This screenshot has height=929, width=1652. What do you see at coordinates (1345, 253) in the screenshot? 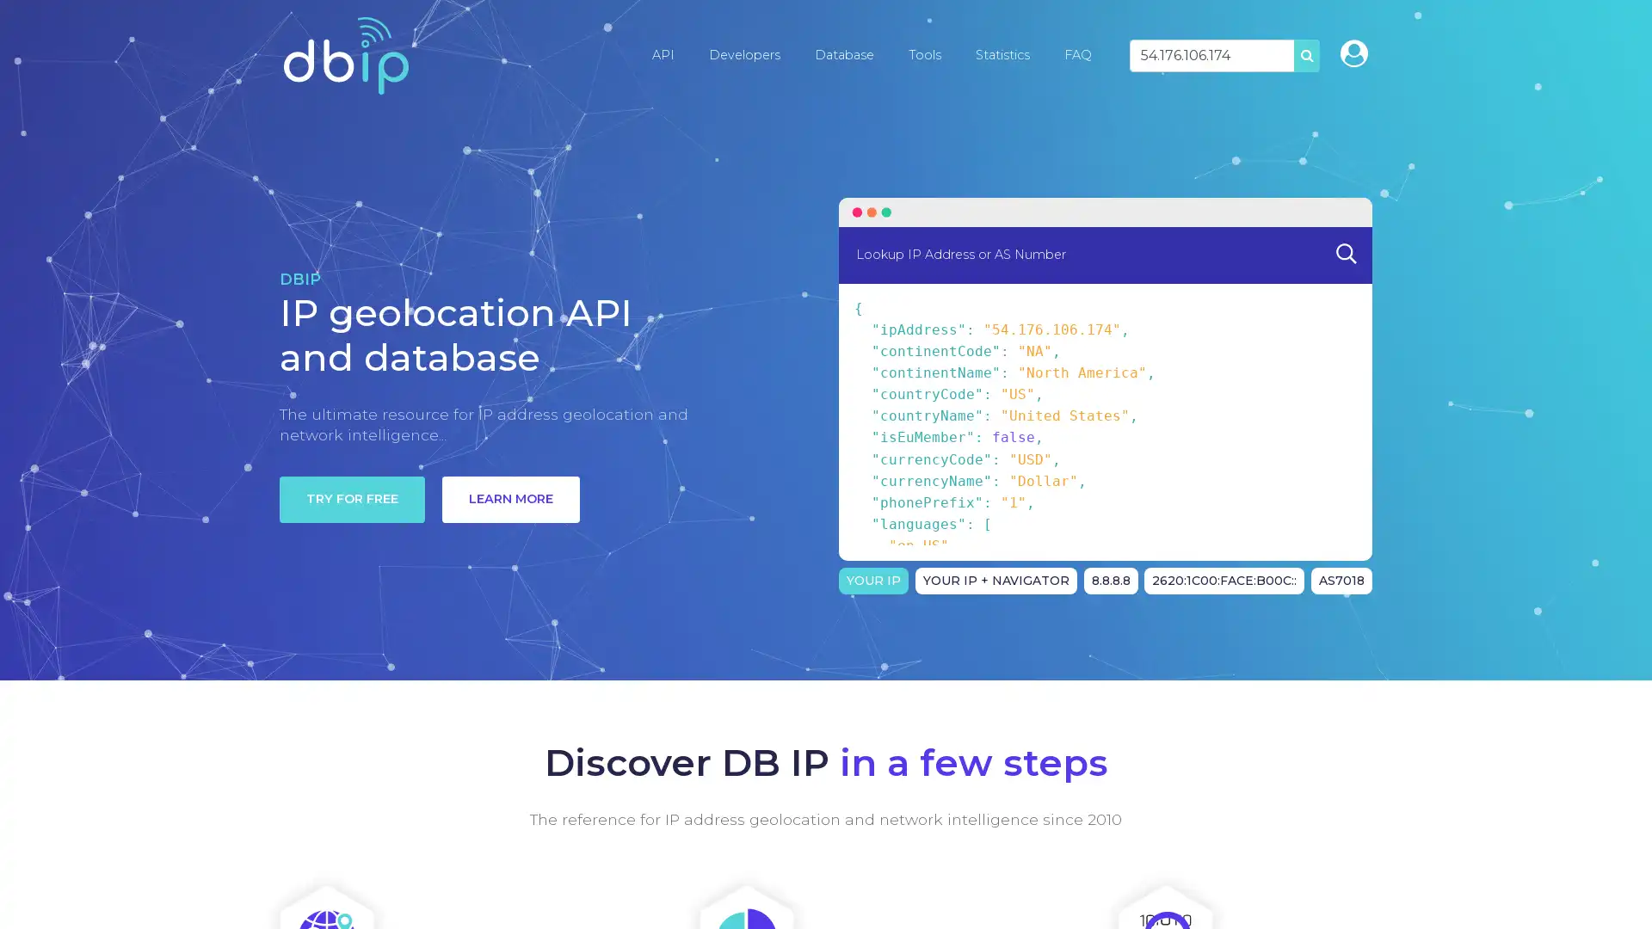
I see `Submit` at bounding box center [1345, 253].